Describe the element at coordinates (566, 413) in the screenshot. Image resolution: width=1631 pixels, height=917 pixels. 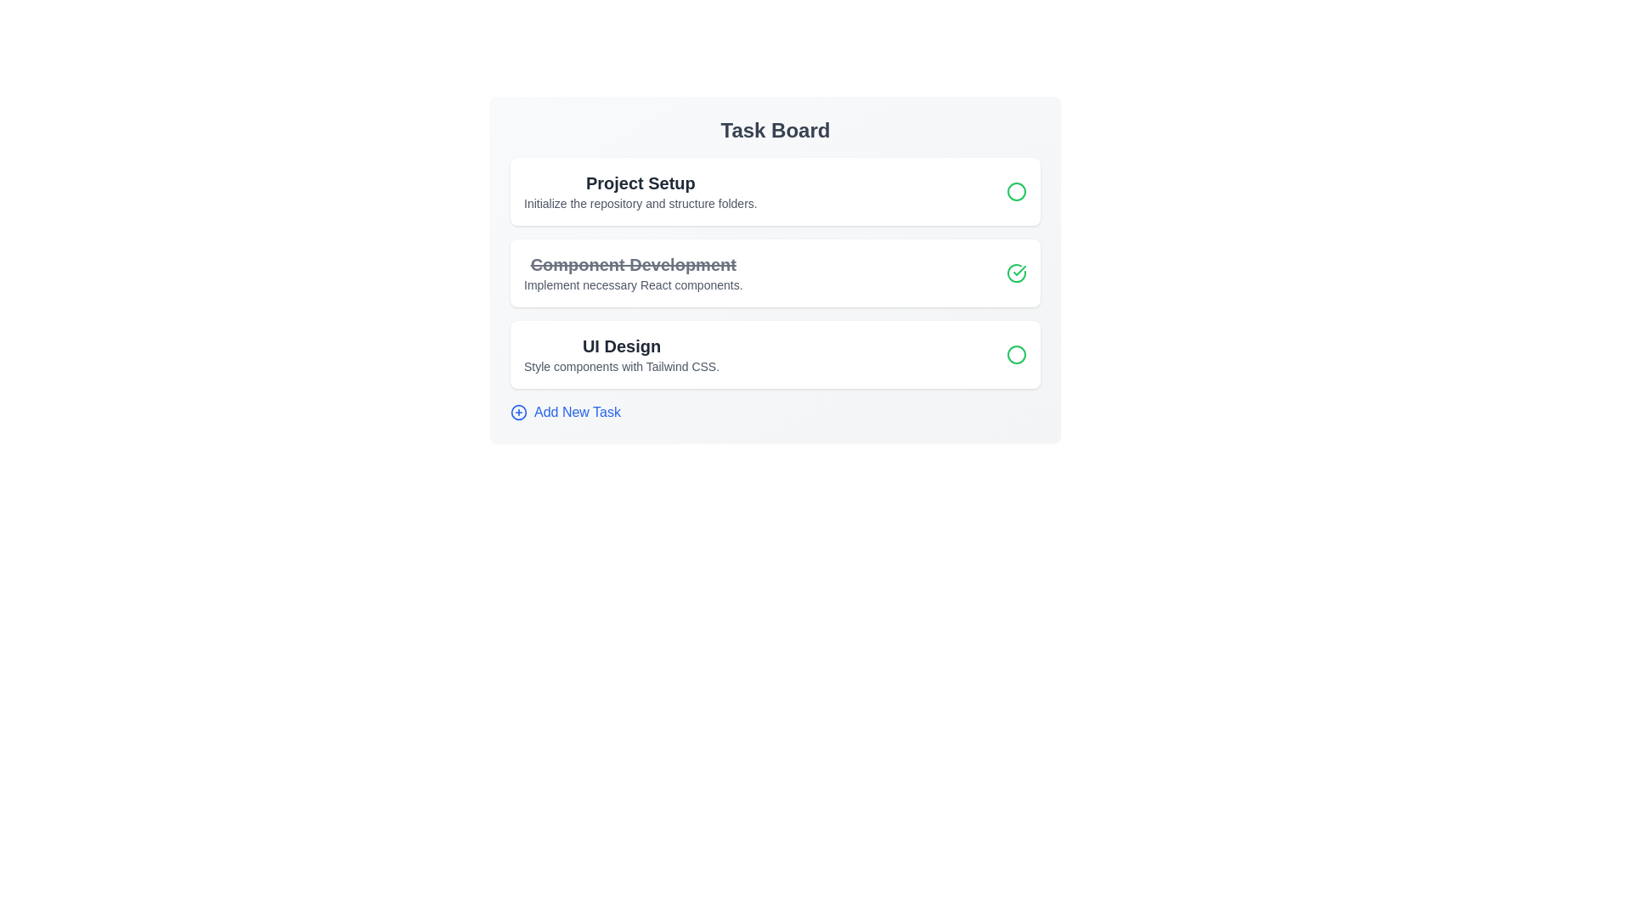
I see `the 'Add New Task' button to add a new task` at that location.